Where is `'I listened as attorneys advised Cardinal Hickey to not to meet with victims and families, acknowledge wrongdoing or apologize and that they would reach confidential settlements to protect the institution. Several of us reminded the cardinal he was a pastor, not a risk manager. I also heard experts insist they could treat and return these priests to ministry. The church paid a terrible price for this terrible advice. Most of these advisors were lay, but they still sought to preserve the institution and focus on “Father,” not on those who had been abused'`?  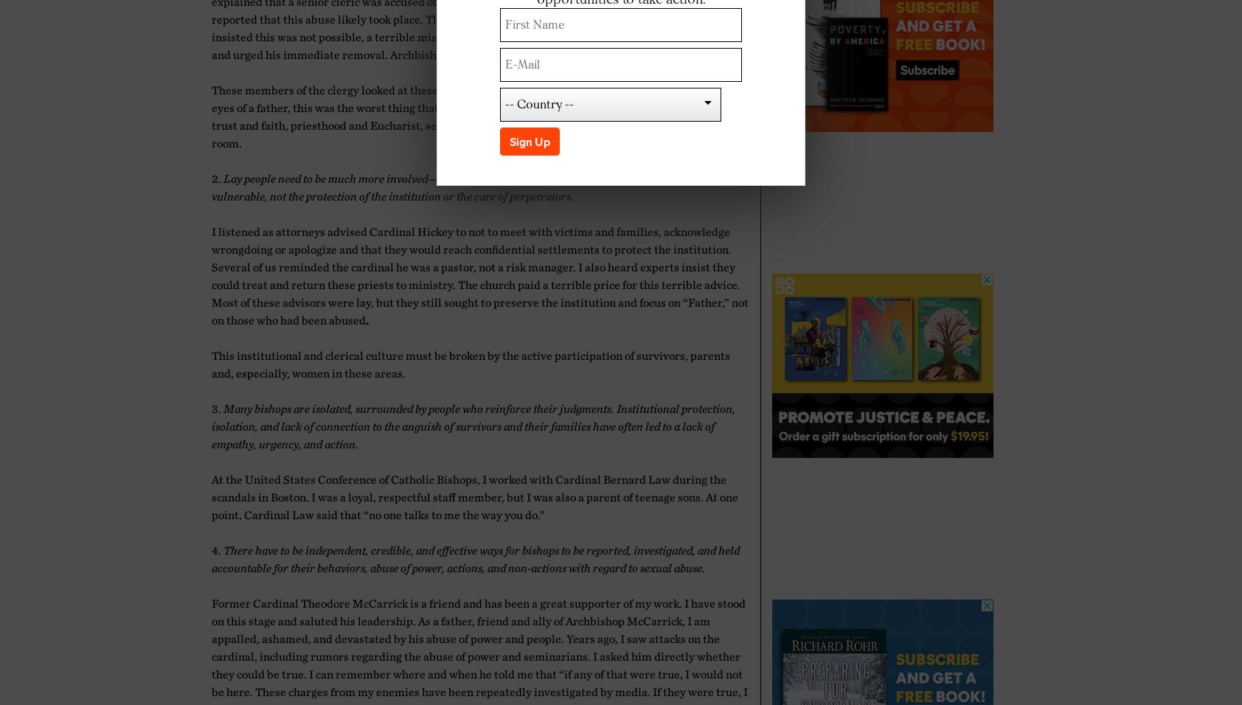
'I listened as attorneys advised Cardinal Hickey to not to meet with victims and families, acknowledge wrongdoing or apologize and that they would reach confidential settlements to protect the institution. Several of us reminded the cardinal he was a pastor, not a risk manager. I also heard experts insist they could treat and return these priests to ministry. The church paid a terrible price for this terrible advice. Most of these advisors were lay, but they still sought to preserve the institution and focus on “Father,” not on those who had been abused' is located at coordinates (480, 275).